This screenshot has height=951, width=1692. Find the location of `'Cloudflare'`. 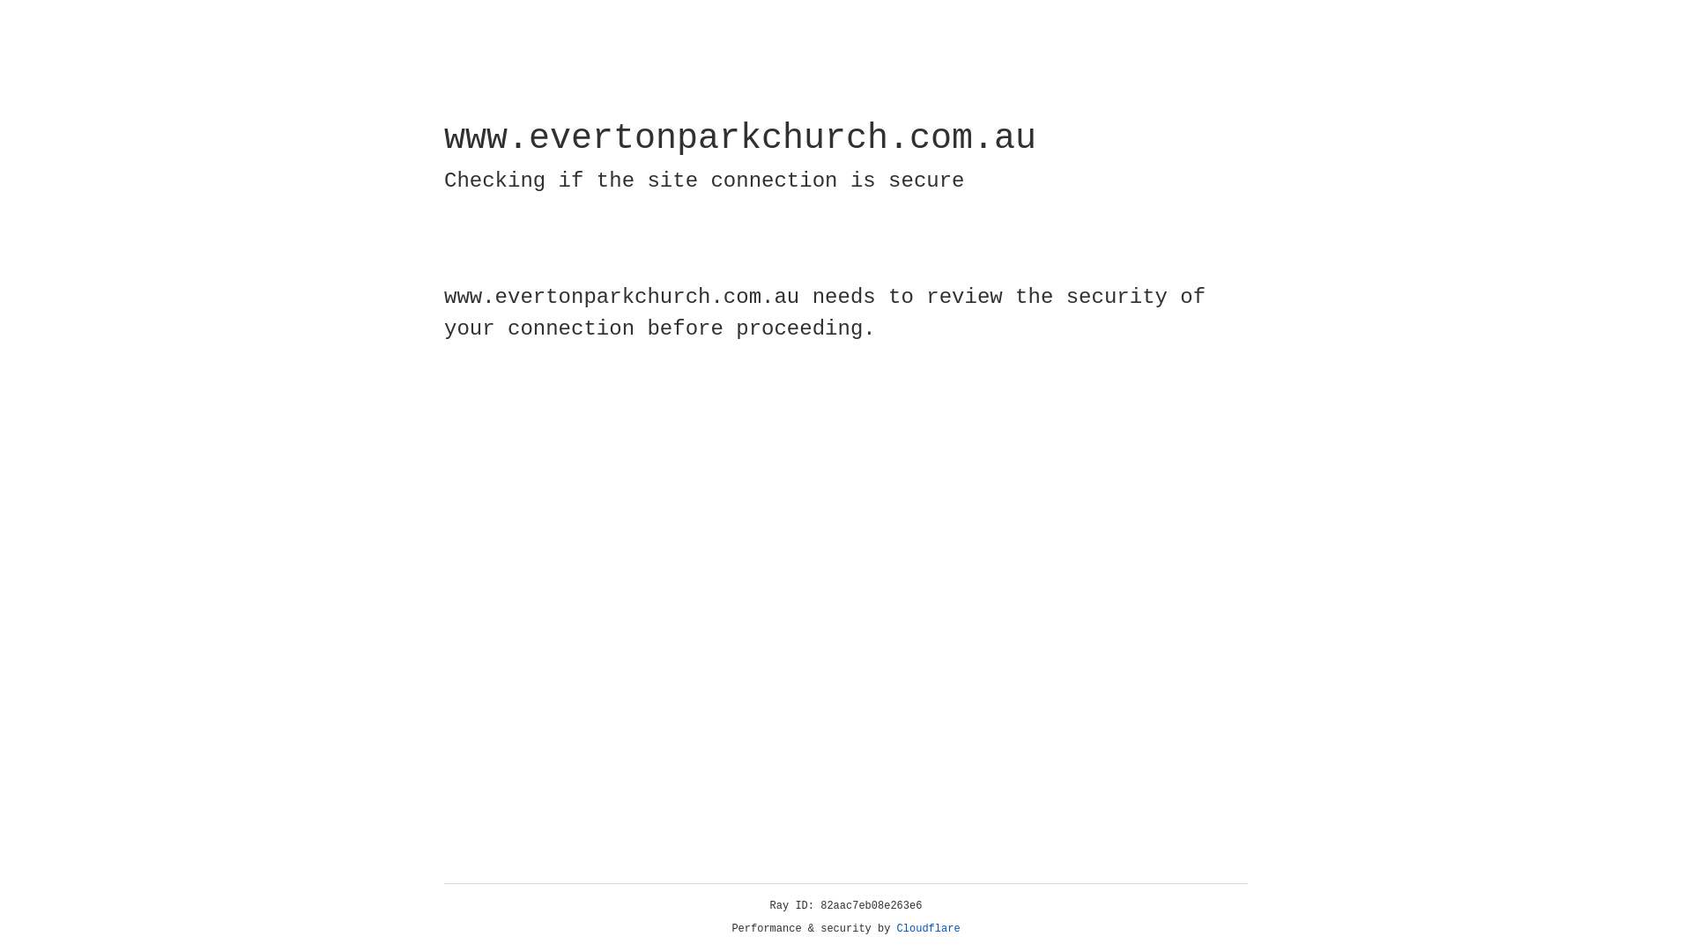

'Cloudflare' is located at coordinates (928, 928).